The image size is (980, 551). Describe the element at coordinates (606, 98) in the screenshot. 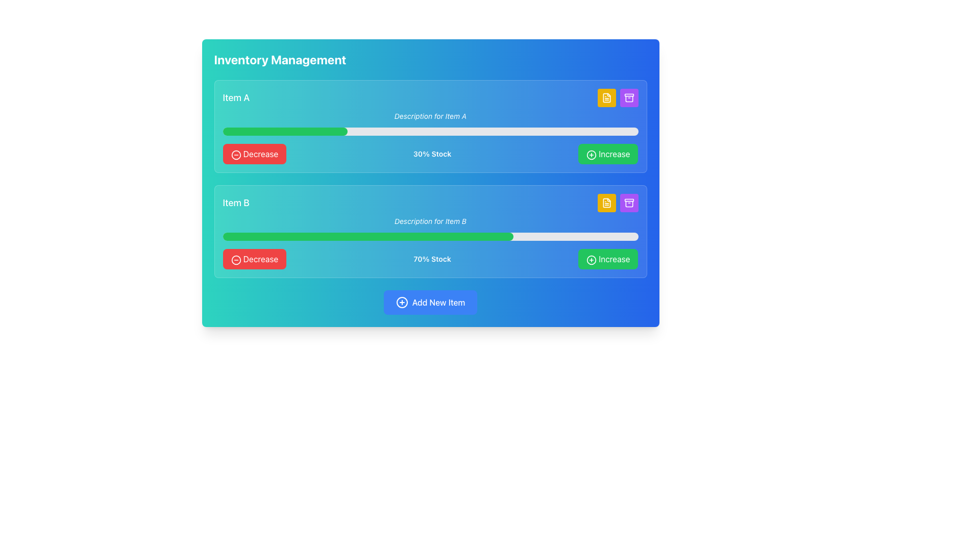

I see `the icon representing a file-related action located in the top-right corner of the 'Item A' section, which is within a yellow square button among a group of action buttons` at that location.